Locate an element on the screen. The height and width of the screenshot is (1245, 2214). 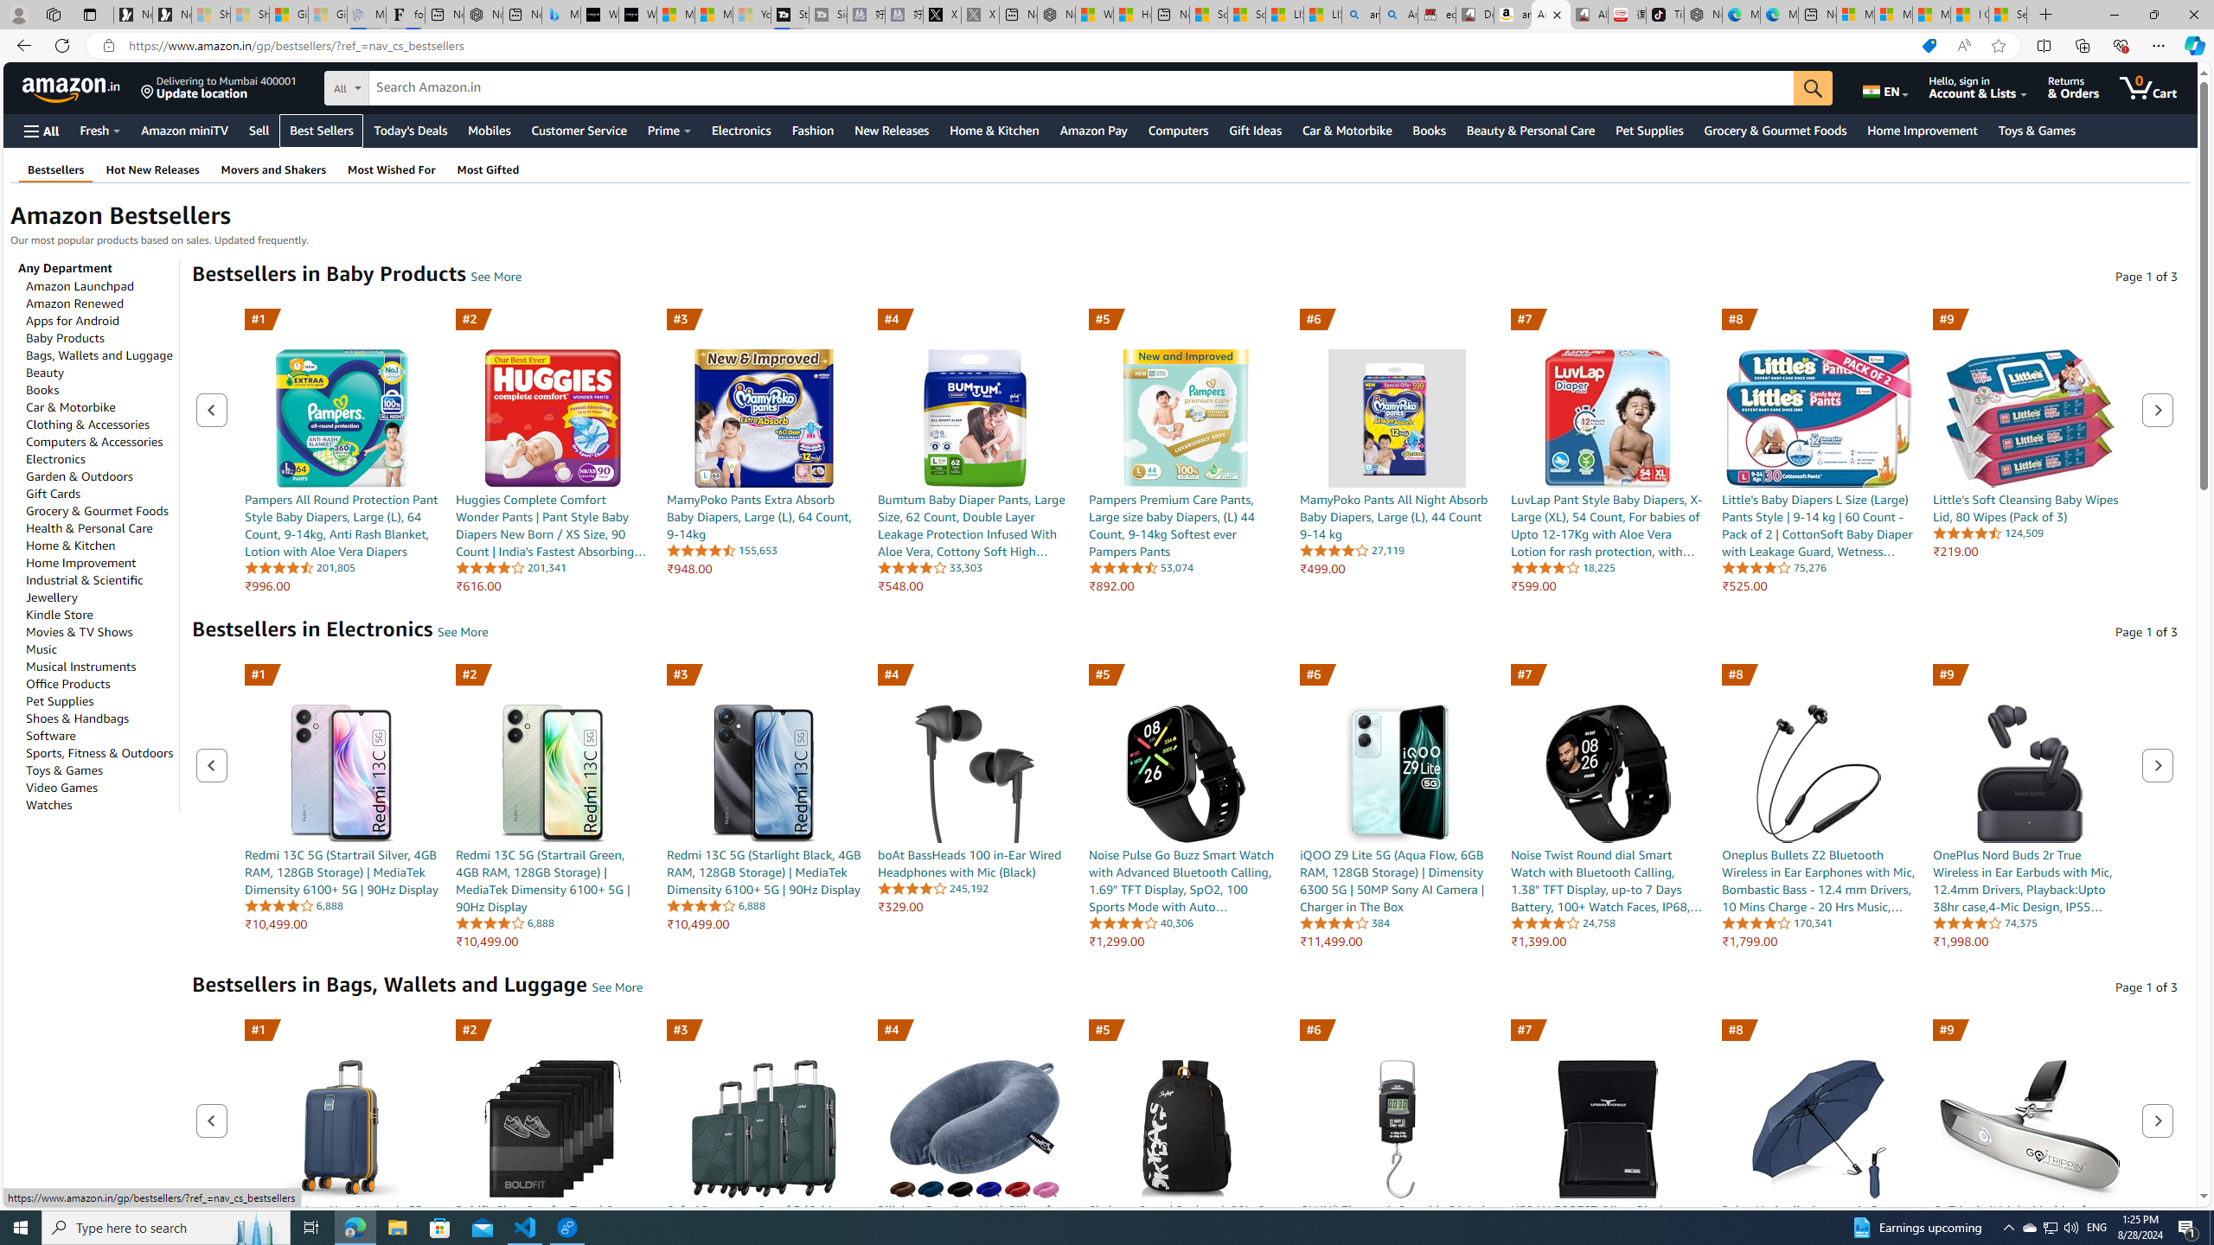
'boAt BassHeads 100 in-Ear Wired Headphones with Mic (Black)' is located at coordinates (973, 772).